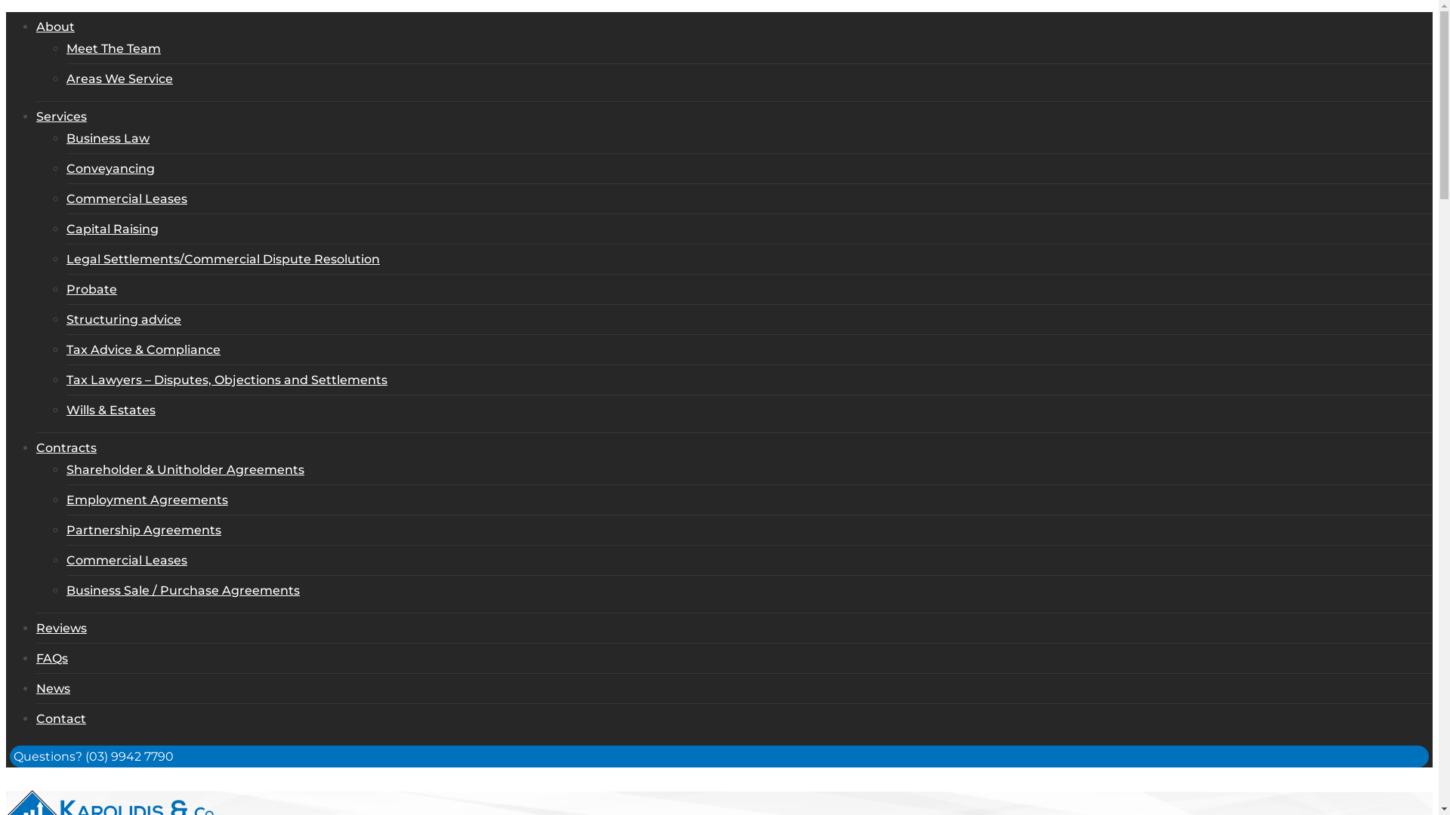  I want to click on 'Areas We Service', so click(119, 78).